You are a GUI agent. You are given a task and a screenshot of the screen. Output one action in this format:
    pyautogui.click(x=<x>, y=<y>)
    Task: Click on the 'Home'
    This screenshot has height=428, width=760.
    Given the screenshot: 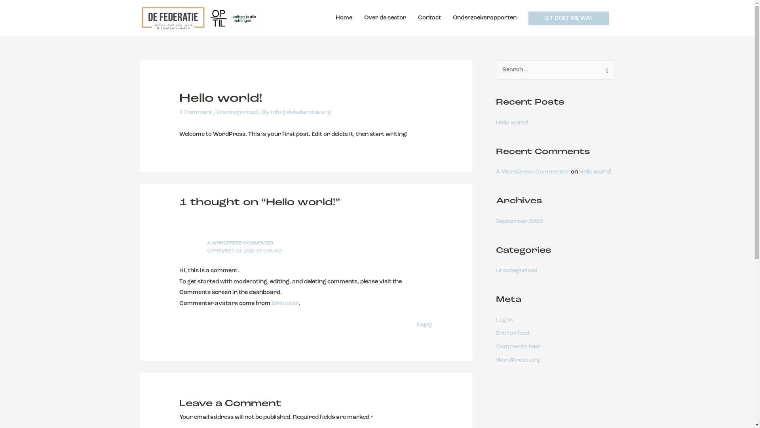 What is the action you would take?
    pyautogui.click(x=344, y=18)
    